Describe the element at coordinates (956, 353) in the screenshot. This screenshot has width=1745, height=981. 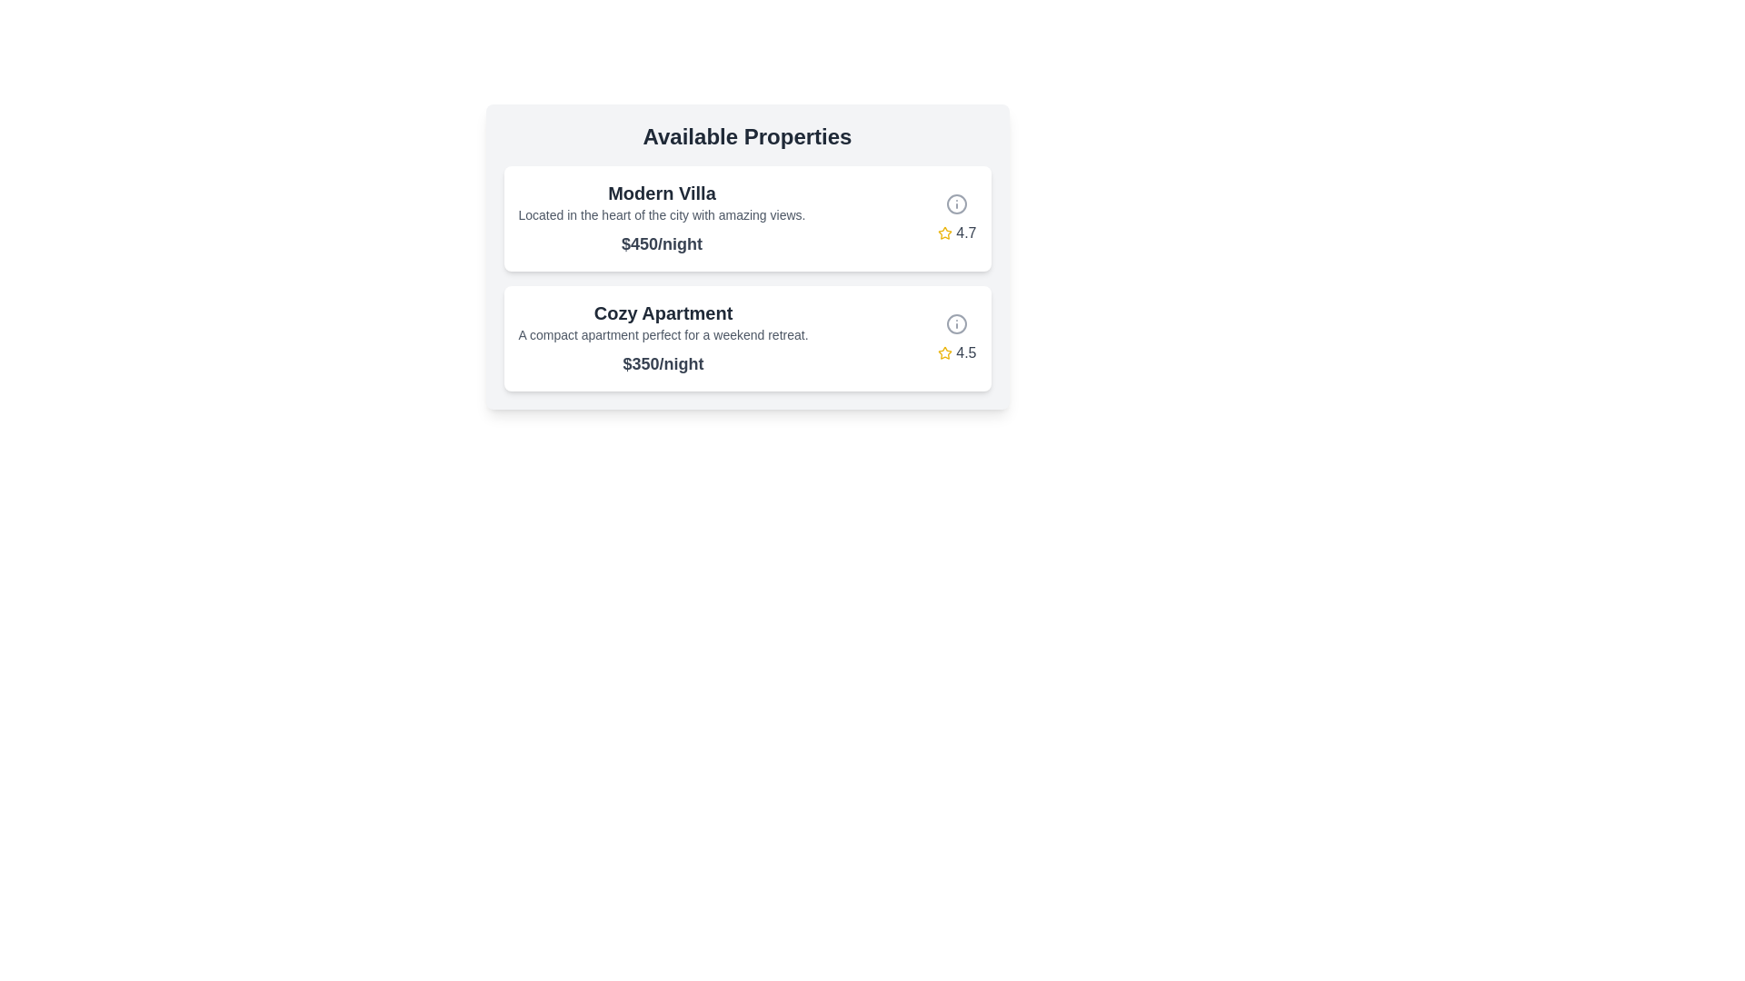
I see `rating value displayed next to the yellow star icon in the rating display for the 'Cozy Apartment'` at that location.